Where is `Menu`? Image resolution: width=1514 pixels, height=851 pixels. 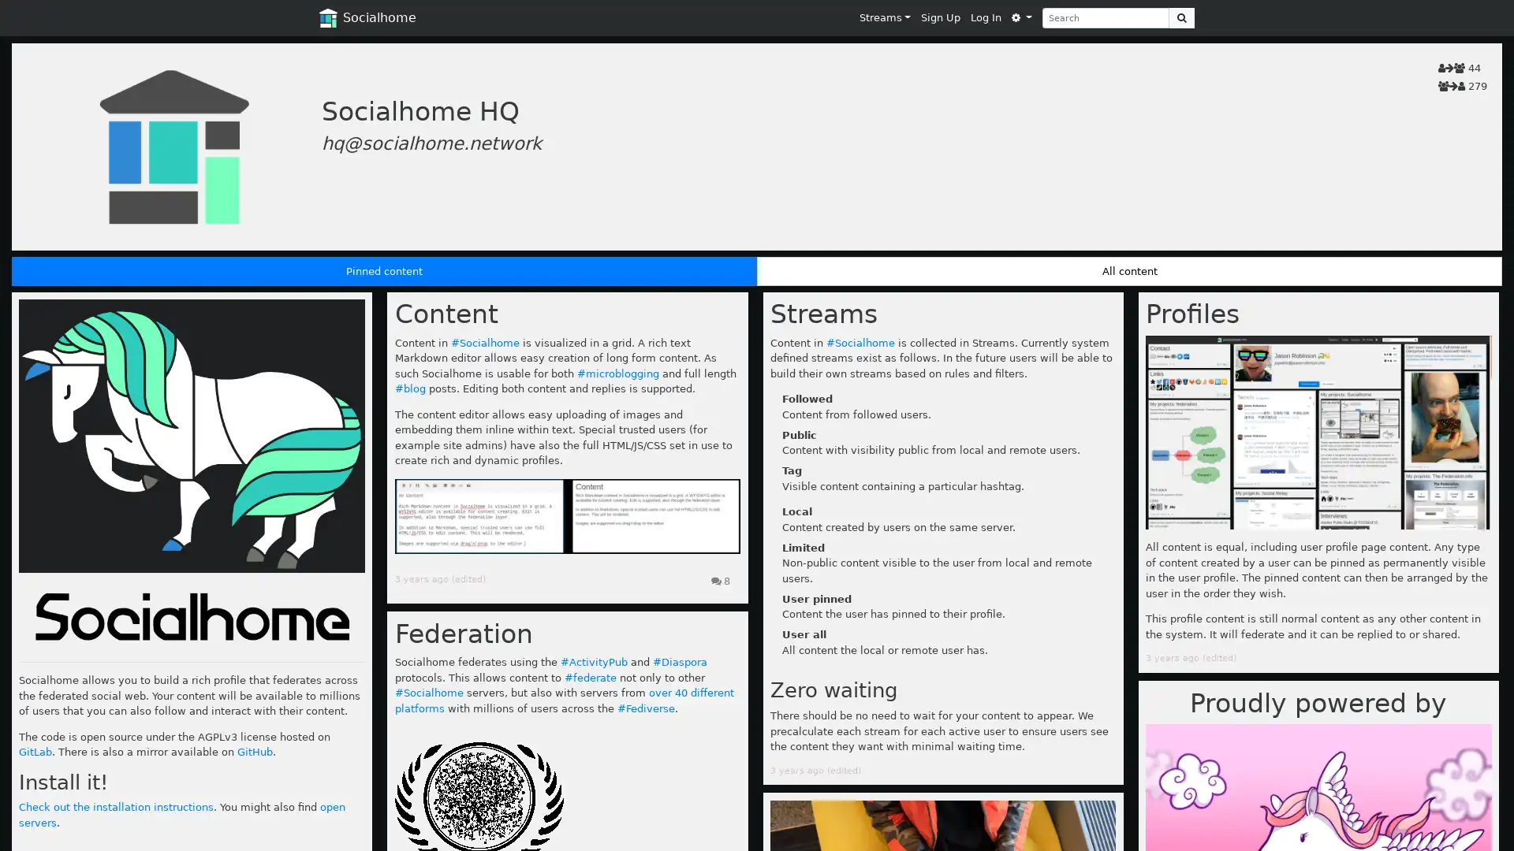
Menu is located at coordinates (1021, 17).